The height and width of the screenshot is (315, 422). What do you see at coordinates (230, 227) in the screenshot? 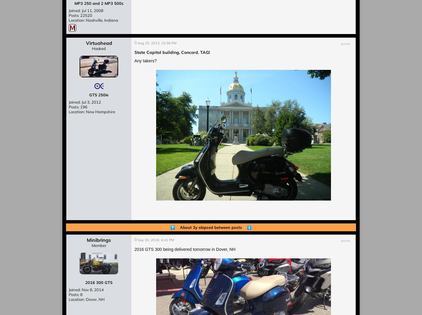
I see `'between posts'` at bounding box center [230, 227].